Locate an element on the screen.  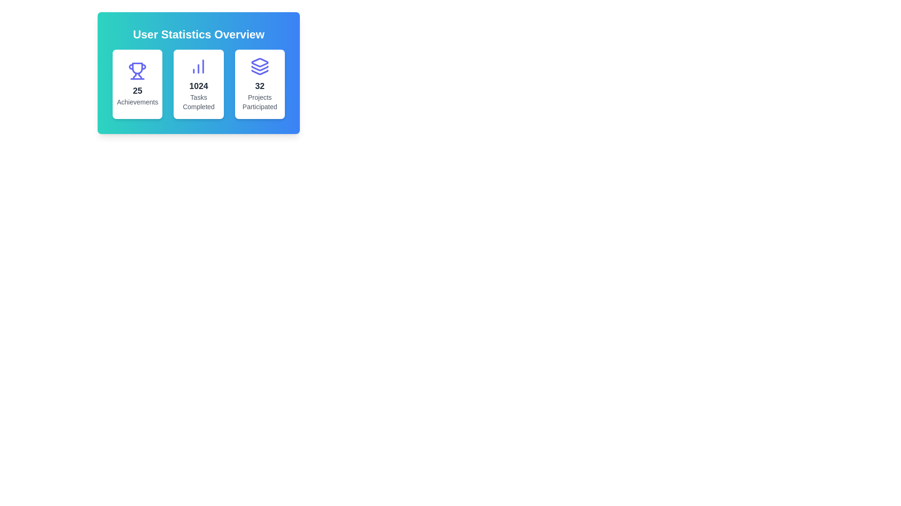
the static text element displaying the number '1024' in bold dark gray, located in the 'Tasks Completed' card under the title 'User Statistics Overview' is located at coordinates (198, 86).